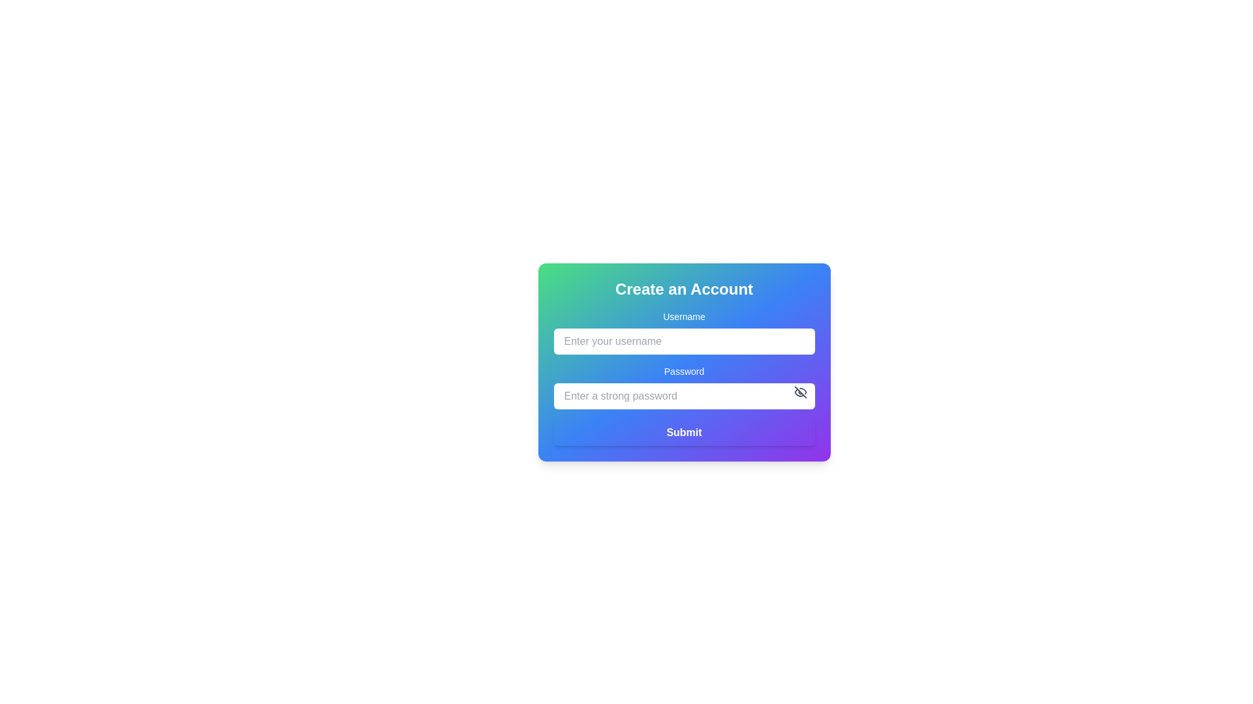  Describe the element at coordinates (799, 391) in the screenshot. I see `the password visibility toggle icon located on the right side of the password input field` at that location.